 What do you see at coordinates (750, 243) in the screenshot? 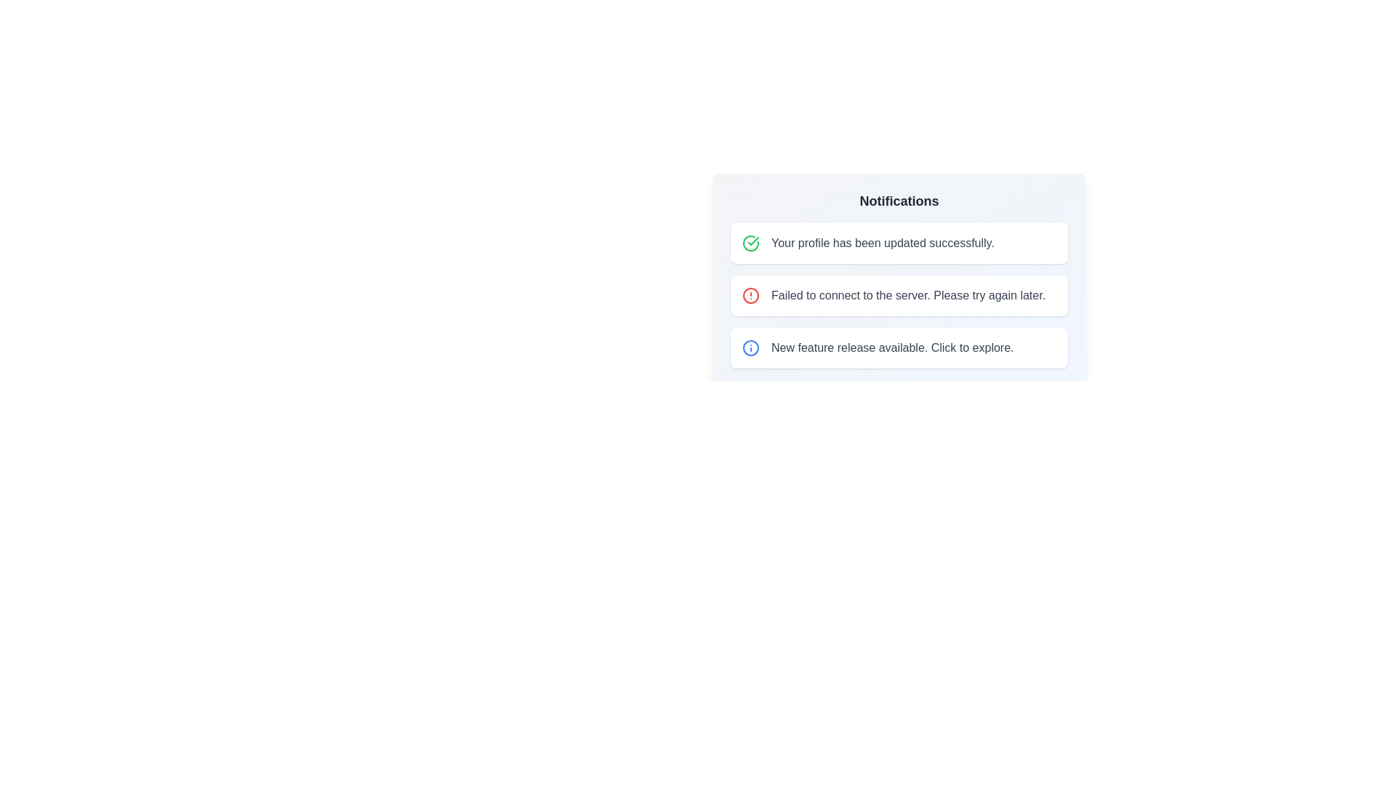
I see `the green circular icon with a checkmark design, which indicates a successful state, located in the notification box that displays 'Your profile has been updated successfully.'` at bounding box center [750, 243].